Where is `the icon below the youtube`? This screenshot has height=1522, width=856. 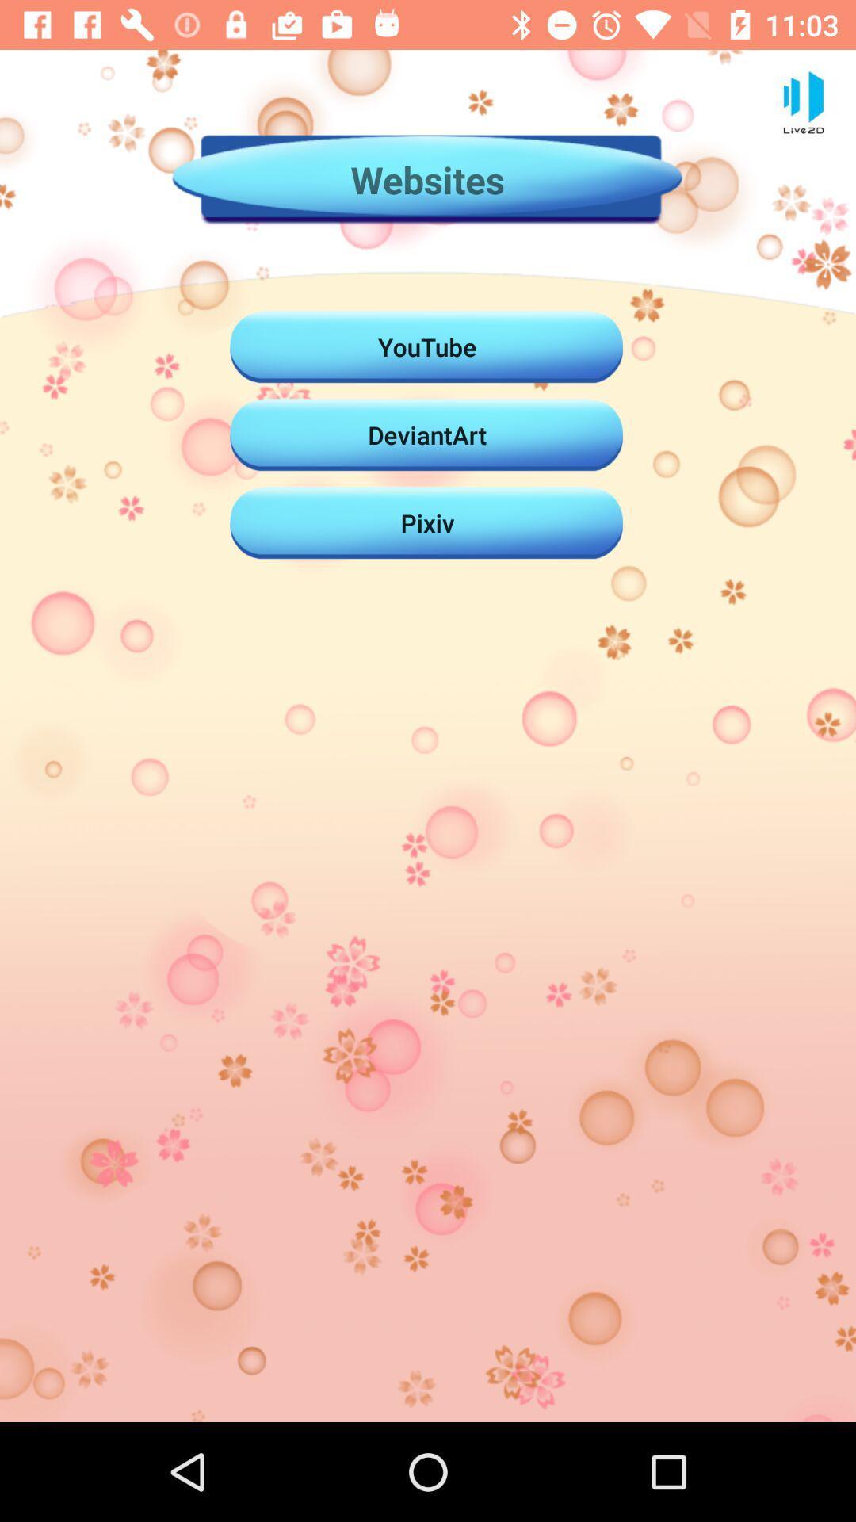 the icon below the youtube is located at coordinates (426, 434).